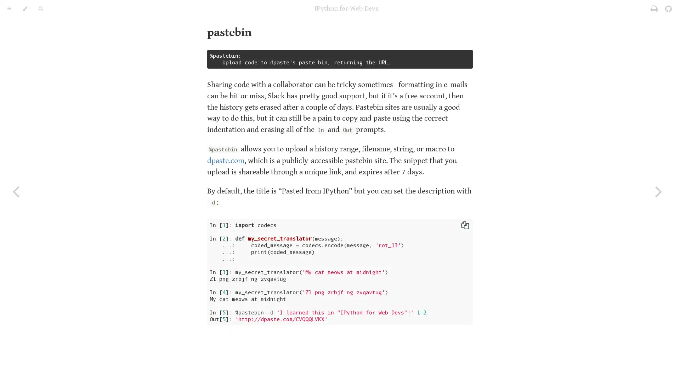 This screenshot has width=680, height=382. What do you see at coordinates (465, 225) in the screenshot?
I see `Copy to clipboard` at bounding box center [465, 225].